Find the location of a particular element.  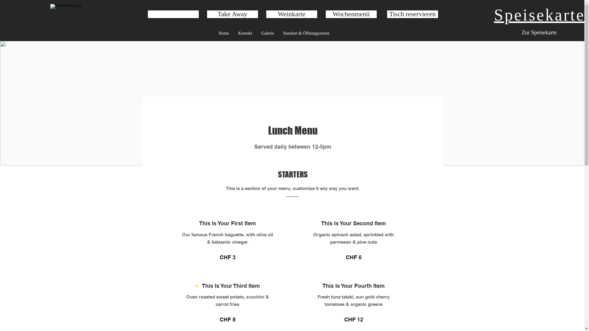

'Galerie' is located at coordinates (256, 33).